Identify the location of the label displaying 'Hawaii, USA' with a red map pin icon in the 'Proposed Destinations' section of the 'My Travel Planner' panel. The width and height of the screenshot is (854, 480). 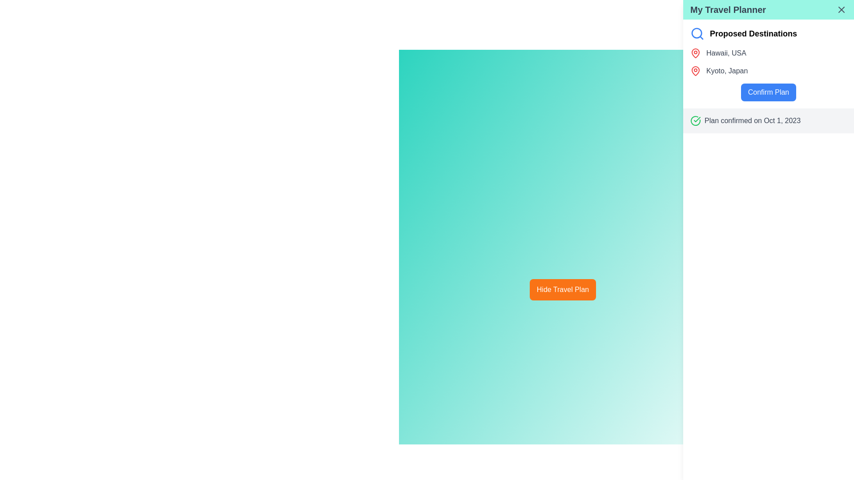
(768, 53).